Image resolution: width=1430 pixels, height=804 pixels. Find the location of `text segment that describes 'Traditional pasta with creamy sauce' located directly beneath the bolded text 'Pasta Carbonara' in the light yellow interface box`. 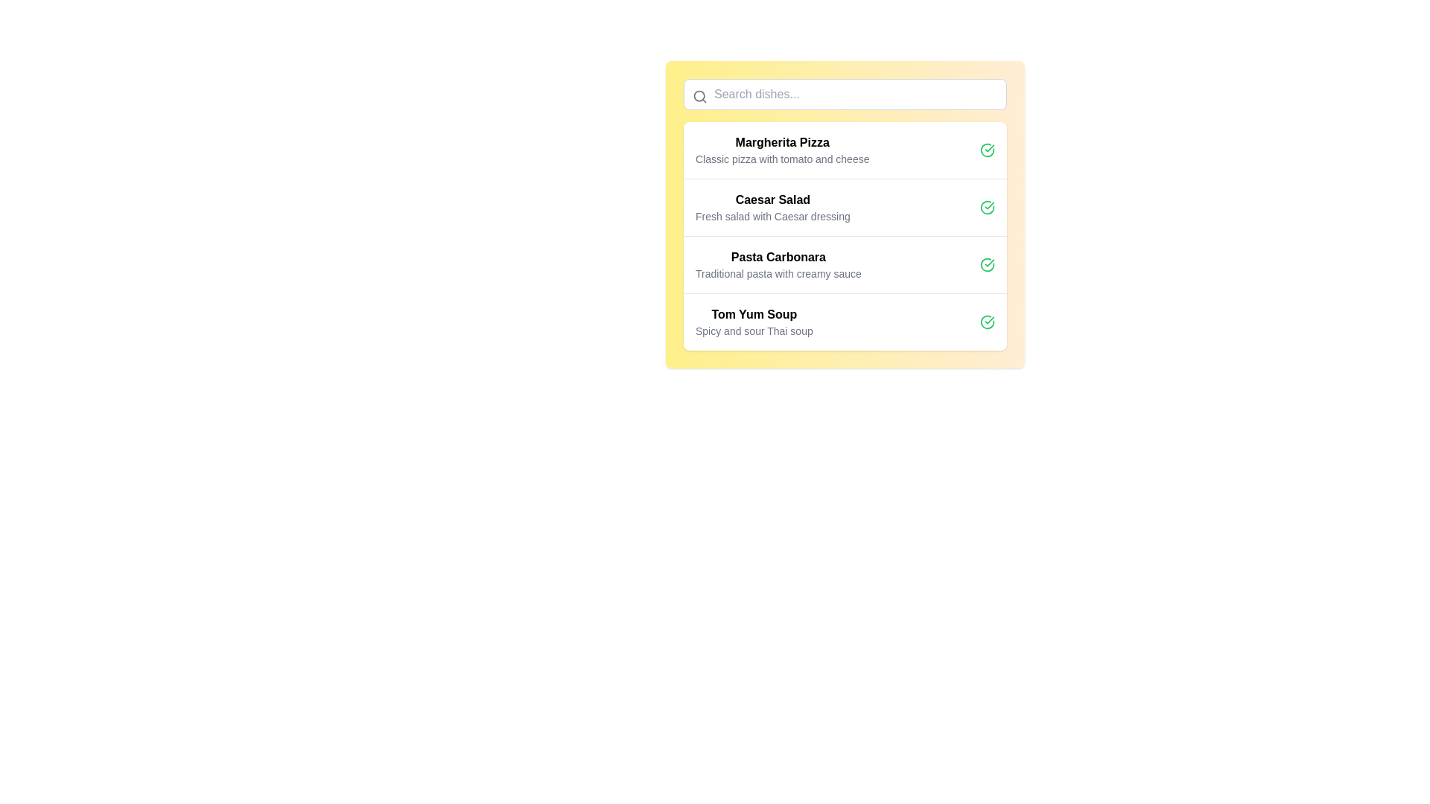

text segment that describes 'Traditional pasta with creamy sauce' located directly beneath the bolded text 'Pasta Carbonara' in the light yellow interface box is located at coordinates (778, 273).